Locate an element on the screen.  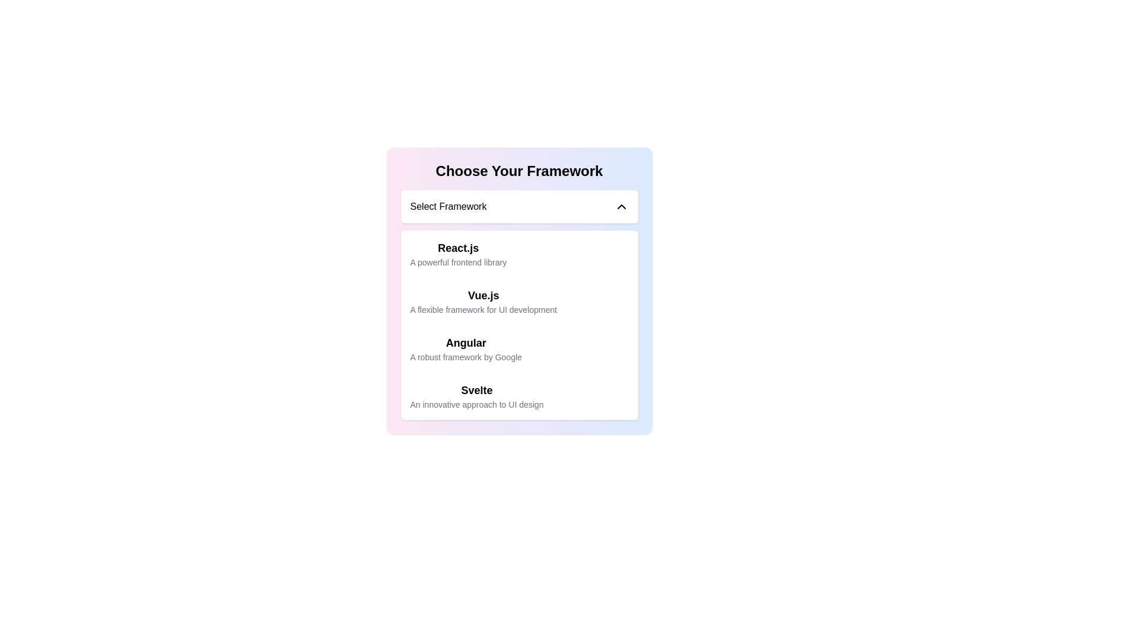
the second item in the vertical list that provides information about the Vue.js framework is located at coordinates (519, 301).